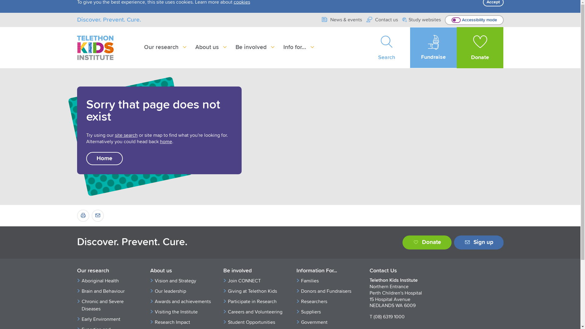 The width and height of the screenshot is (585, 329). What do you see at coordinates (399, 271) in the screenshot?
I see `'Contact Us'` at bounding box center [399, 271].